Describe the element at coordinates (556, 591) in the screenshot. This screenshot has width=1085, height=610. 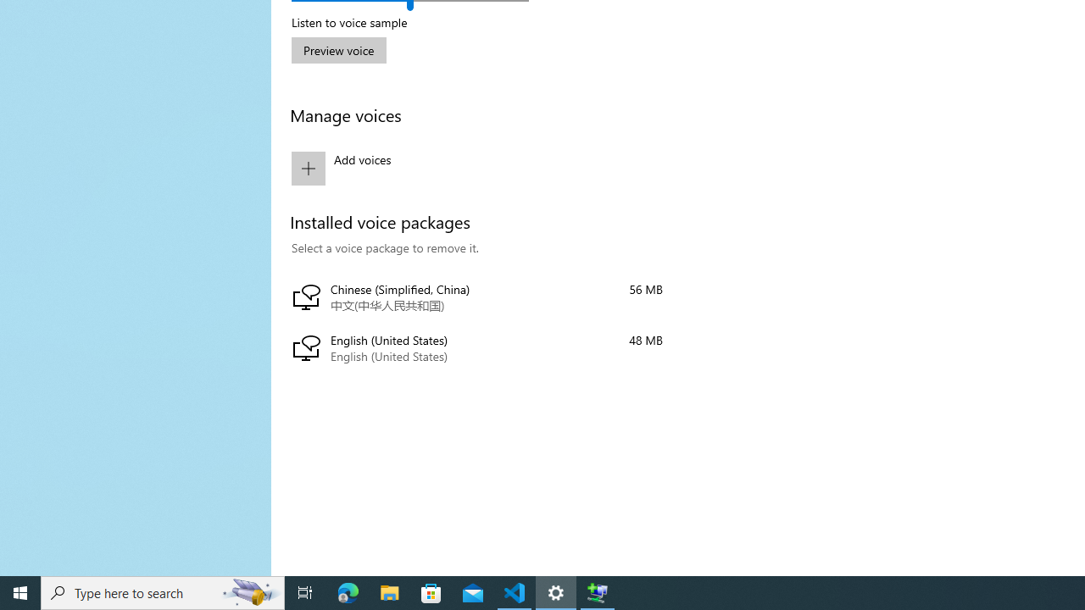
I see `'Settings - 1 running window'` at that location.